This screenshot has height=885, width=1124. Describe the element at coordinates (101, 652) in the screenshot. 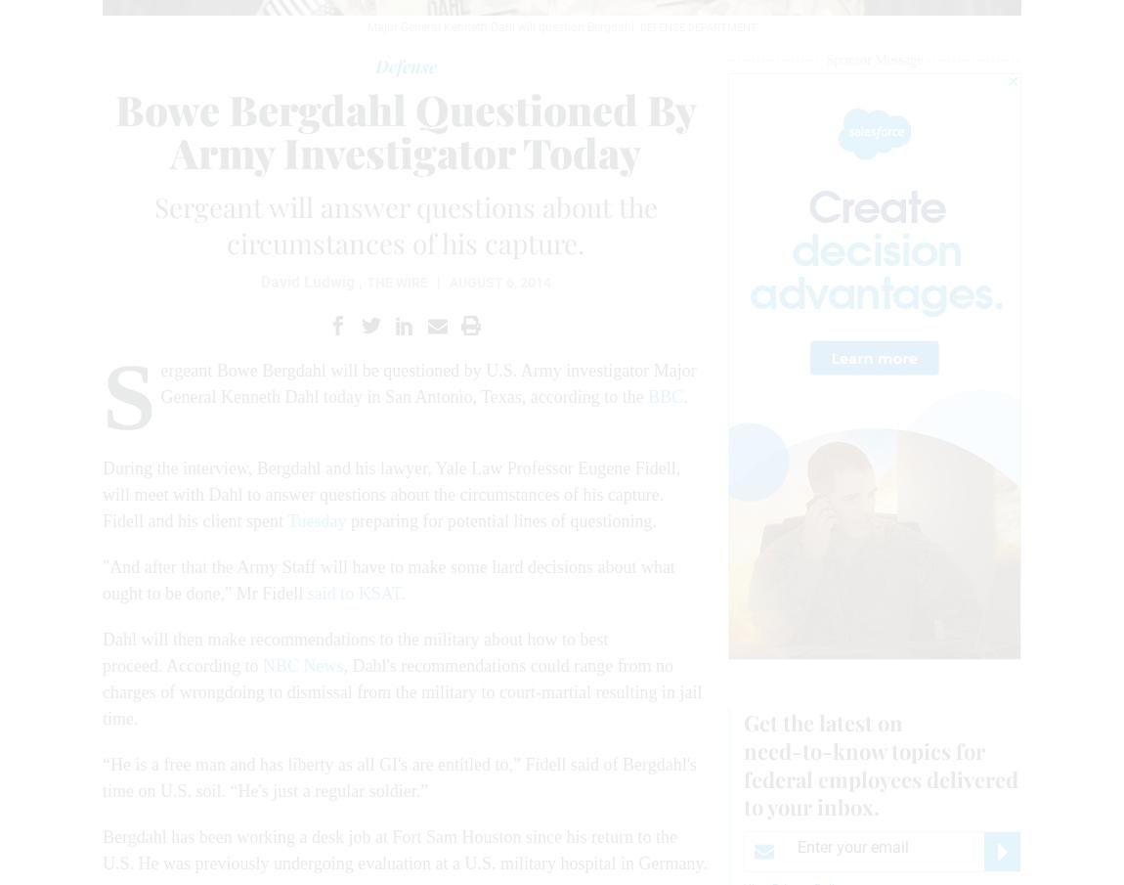

I see `'Dahl will then make recommendations to the military about how to best proceed. According to'` at that location.